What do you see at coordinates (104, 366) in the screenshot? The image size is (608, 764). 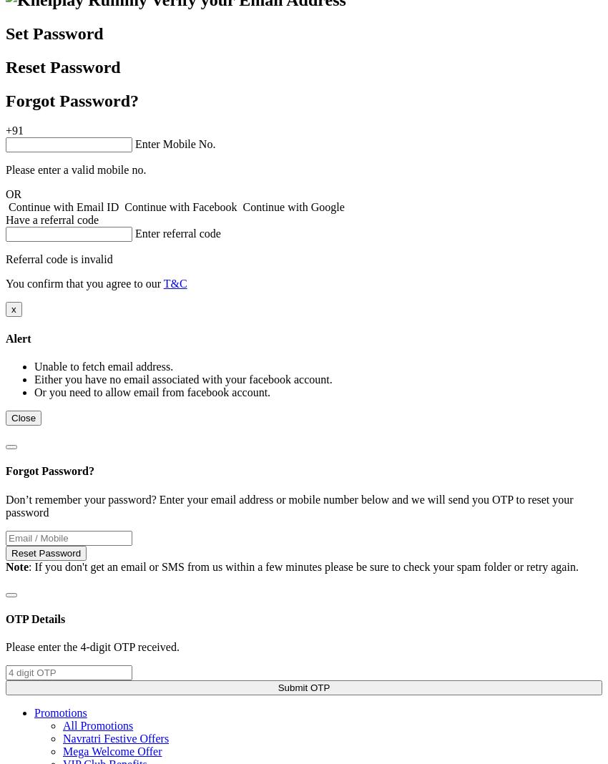 I see `'Unable to fetch email address.'` at bounding box center [104, 366].